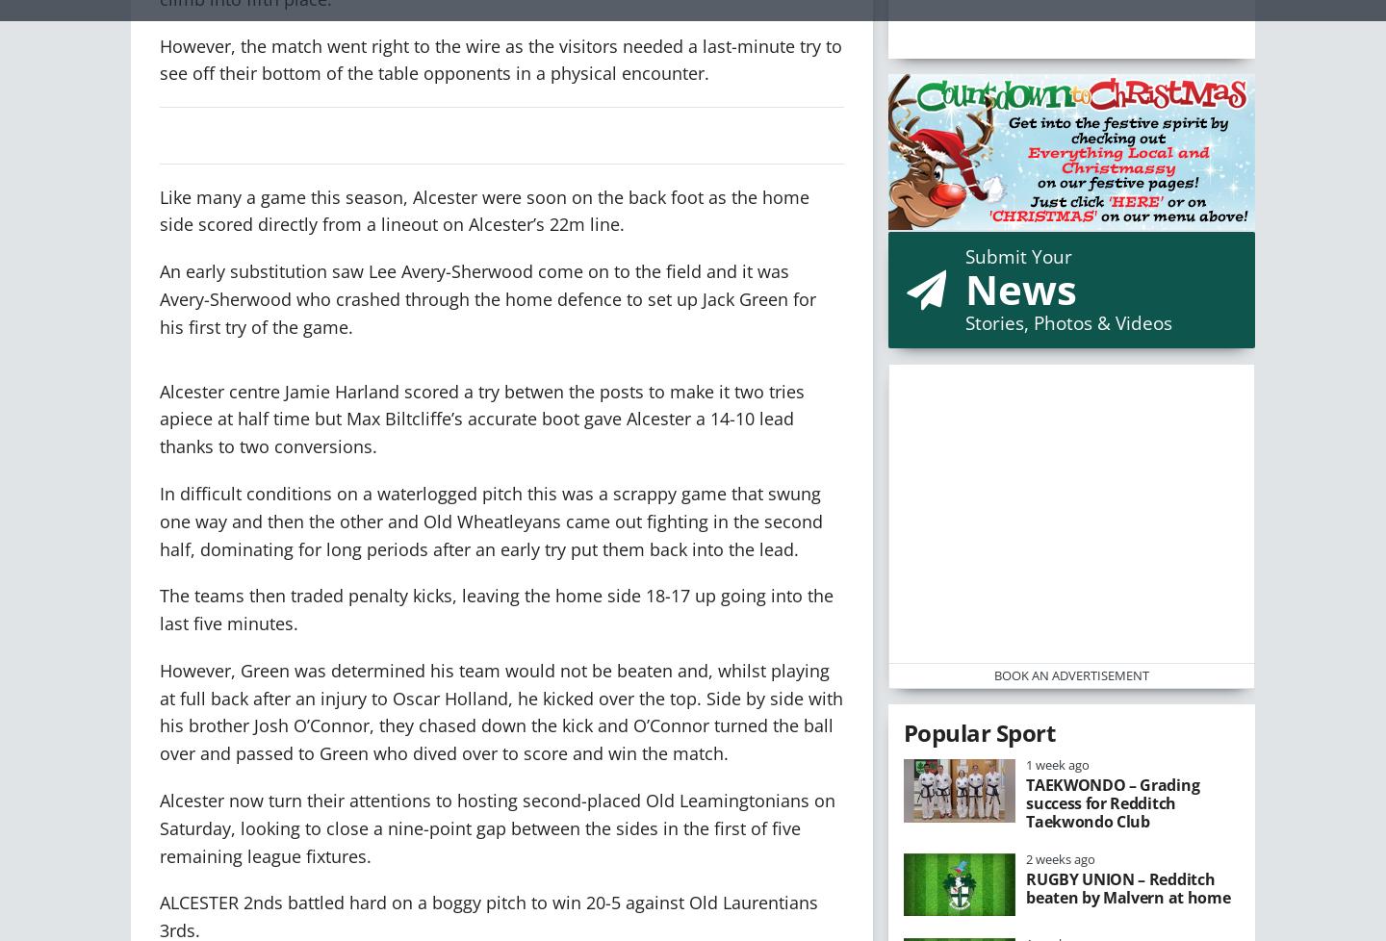 This screenshot has width=1386, height=941. What do you see at coordinates (487, 297) in the screenshot?
I see `'An early substitution saw Lee Avery-Sherwood come on to the field and it was Avery-Sherwood who crashed through the home defence to set up Jack Green for his first try of the game.'` at bounding box center [487, 297].